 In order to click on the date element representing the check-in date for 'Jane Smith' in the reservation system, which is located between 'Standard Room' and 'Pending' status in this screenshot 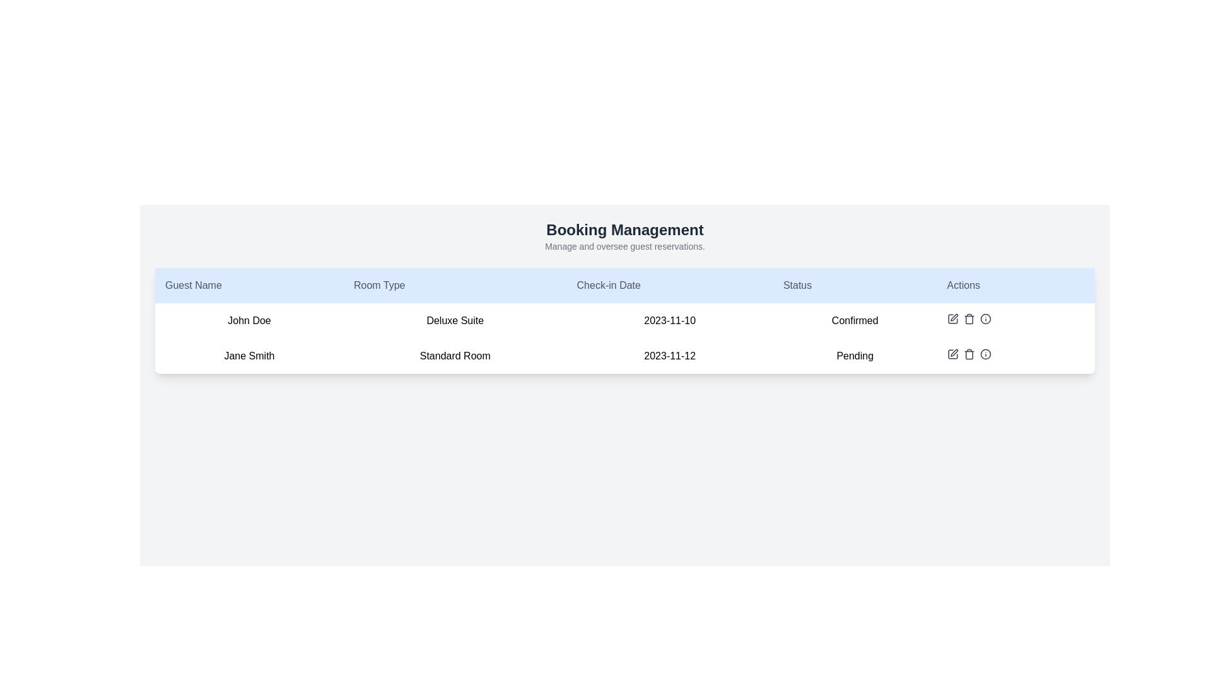, I will do `click(669, 356)`.